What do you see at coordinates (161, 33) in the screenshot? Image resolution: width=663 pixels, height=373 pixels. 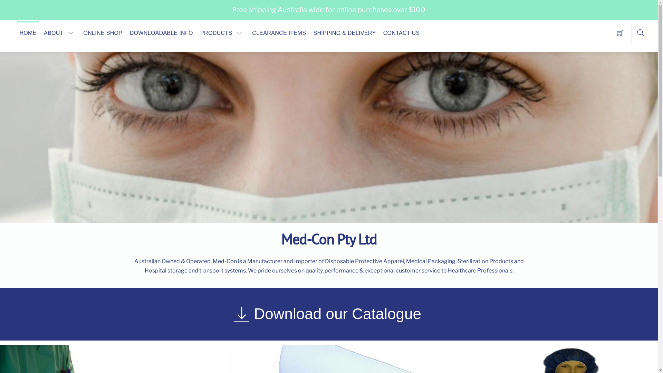 I see `'DOWNLOADABLE INFO'` at bounding box center [161, 33].